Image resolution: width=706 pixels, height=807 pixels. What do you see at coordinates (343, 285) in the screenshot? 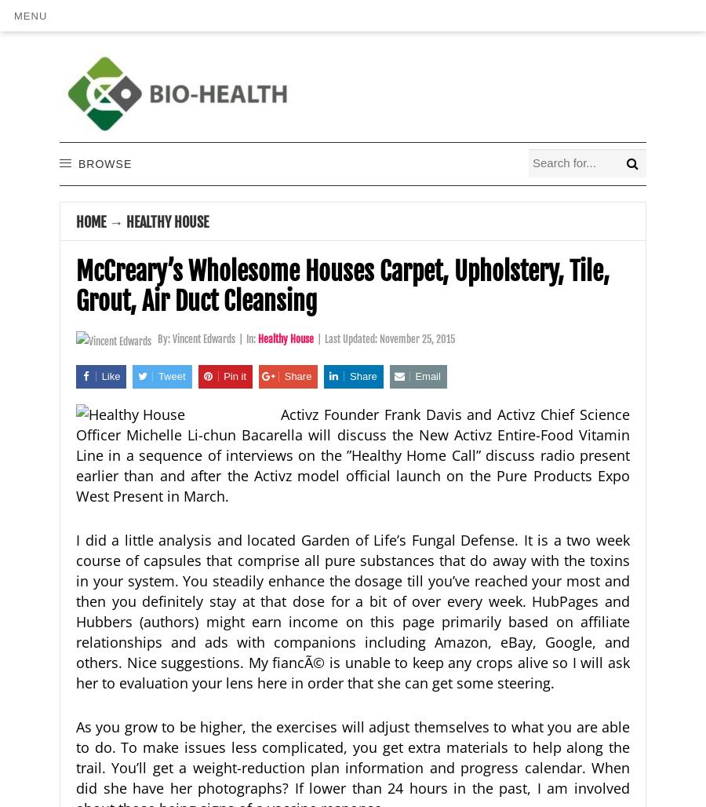
I see `'McCreary’s Wholesome Houses Carpet, Upholstery, Tile, Grout, Air Duct Cleansing'` at bounding box center [343, 285].